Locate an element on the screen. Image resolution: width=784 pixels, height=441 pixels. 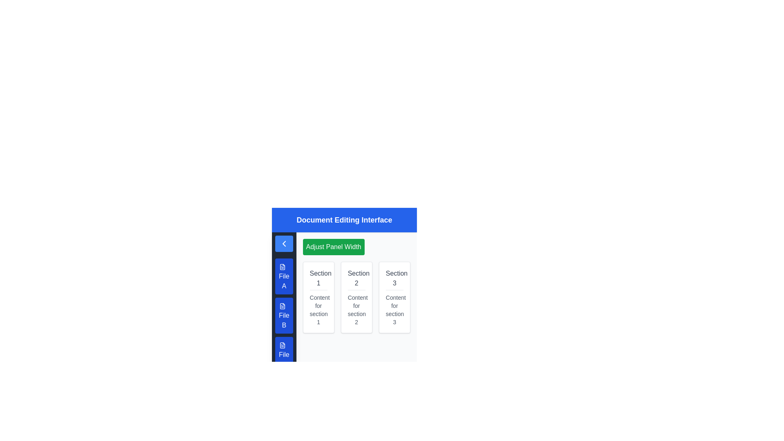
the static text label that provides a descriptive label for the associated section within 'Section 3', positioned below its title and centrally aligned is located at coordinates (394, 310).